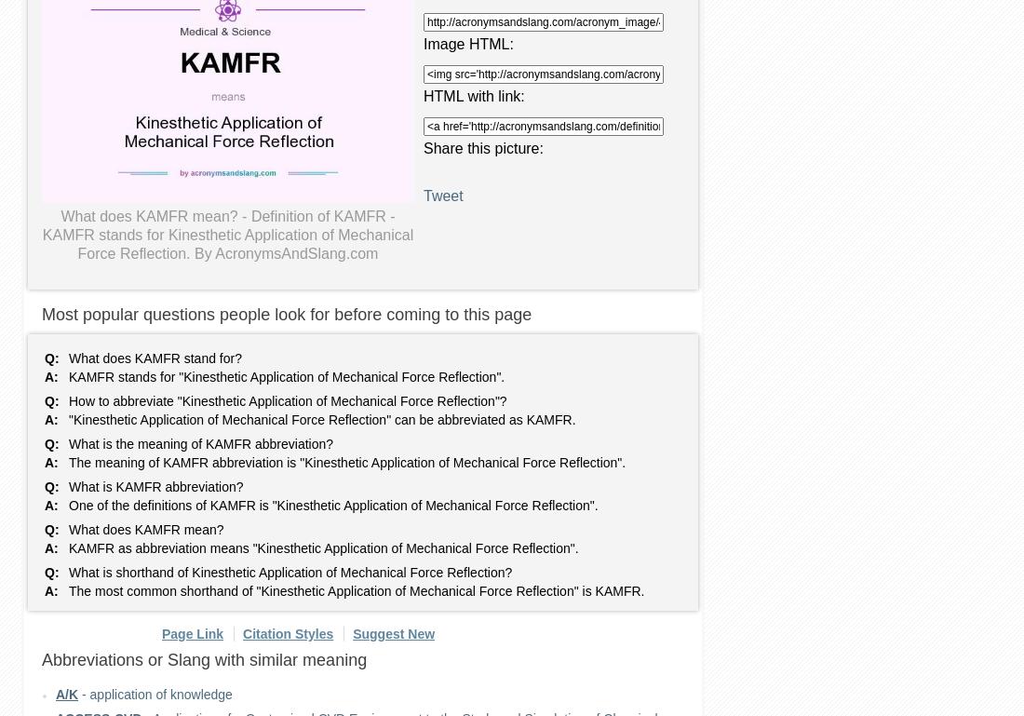  What do you see at coordinates (392, 634) in the screenshot?
I see `'Suggest New'` at bounding box center [392, 634].